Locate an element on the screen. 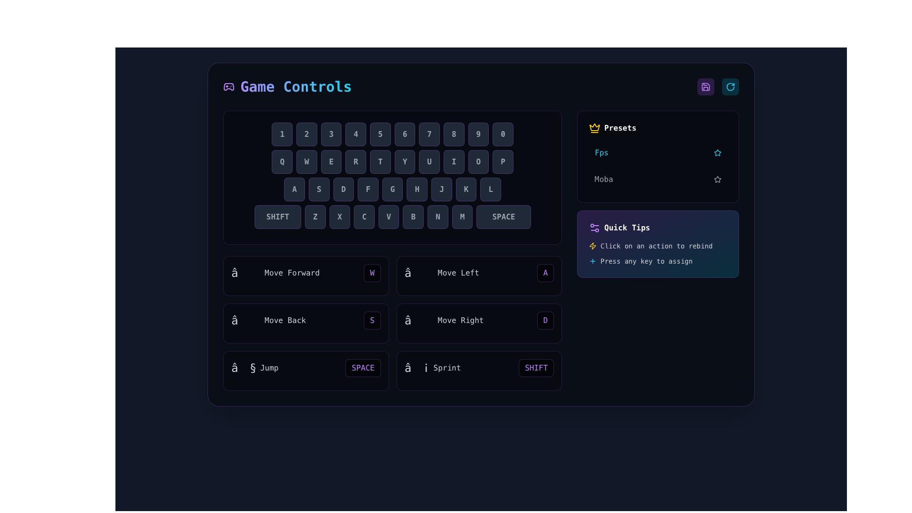  the visual state of the 'R' key button, which is the fourth button in a horizontal sequence of game control buttons is located at coordinates (355, 161).